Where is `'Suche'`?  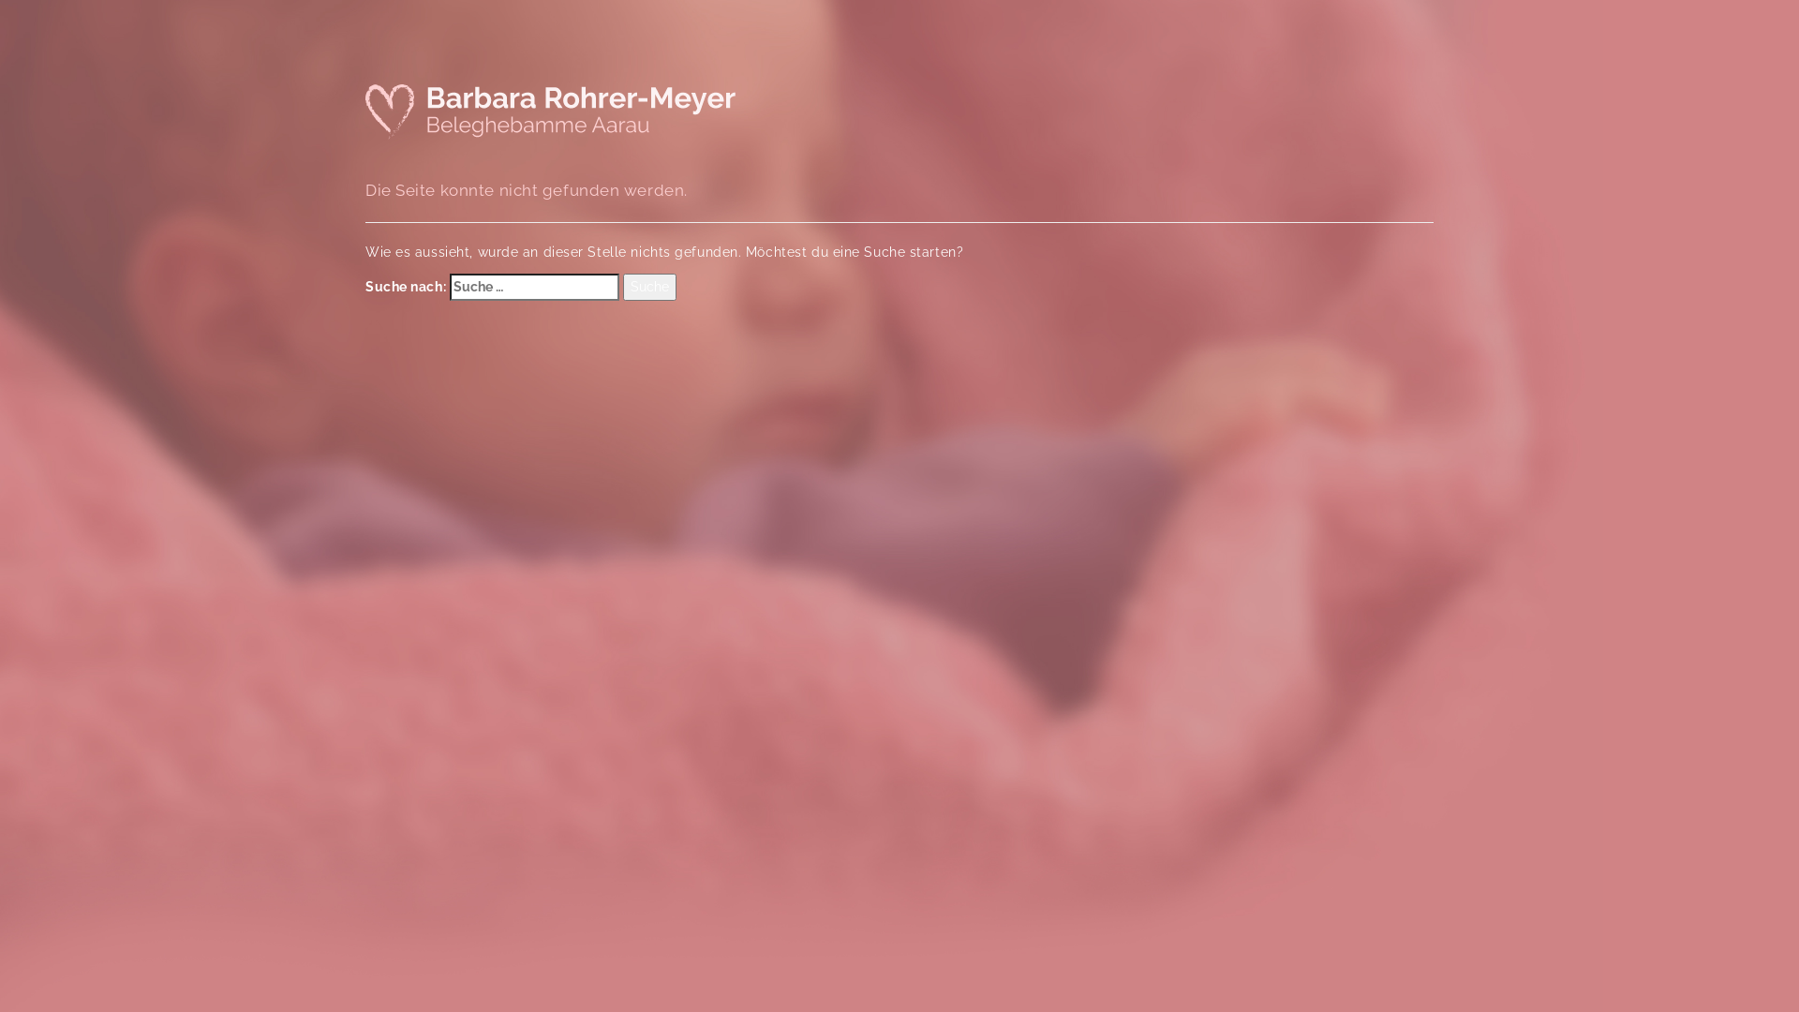
'Suche' is located at coordinates (649, 288).